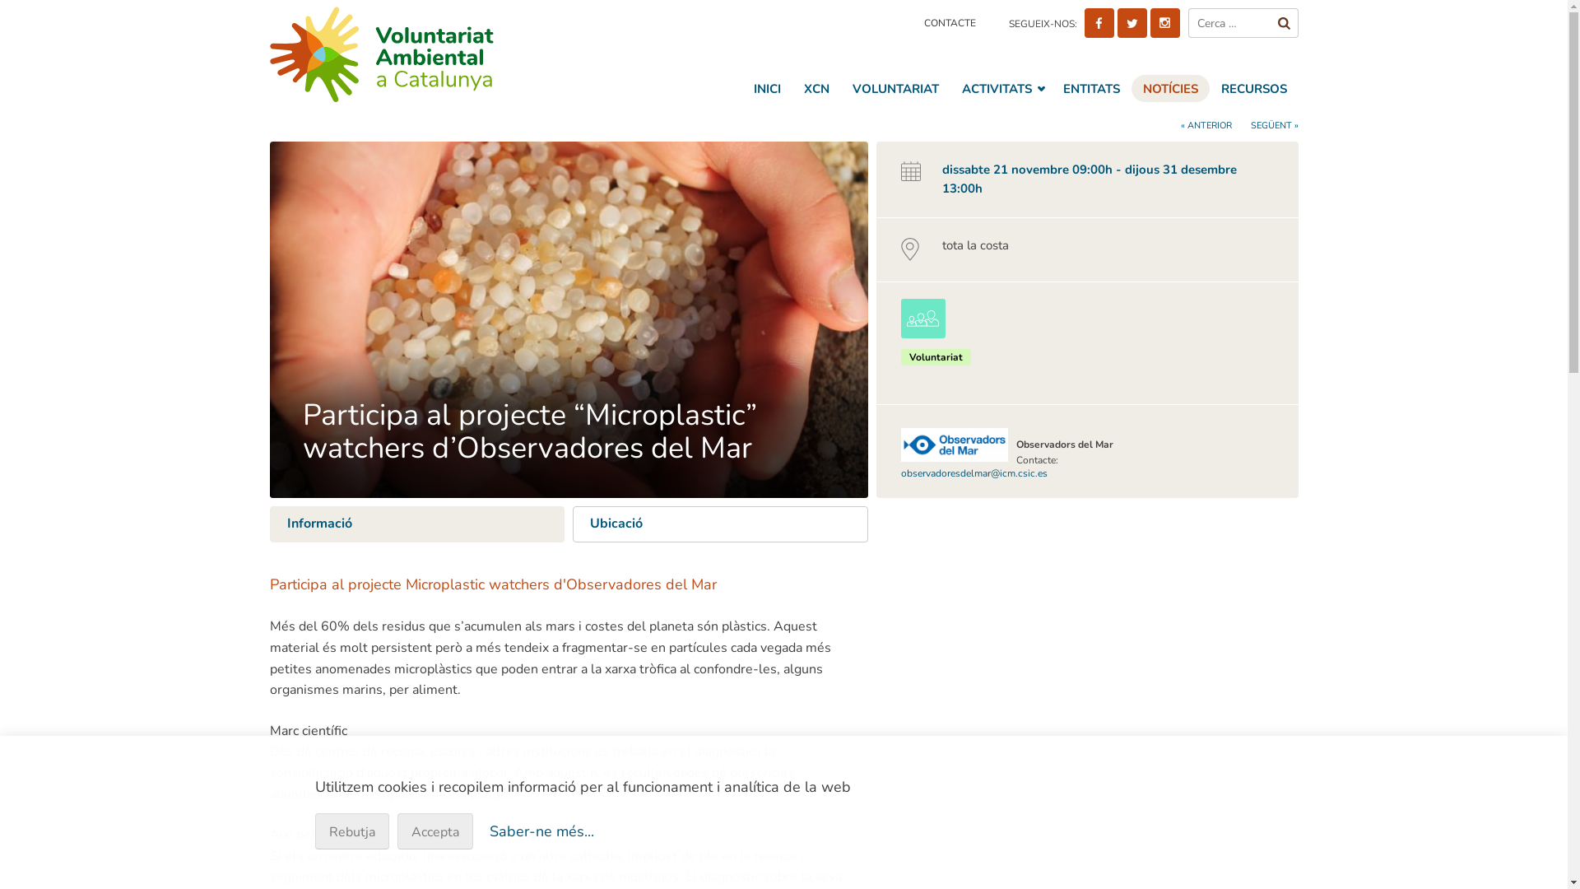  I want to click on 'RECURSOS', so click(1209, 88).